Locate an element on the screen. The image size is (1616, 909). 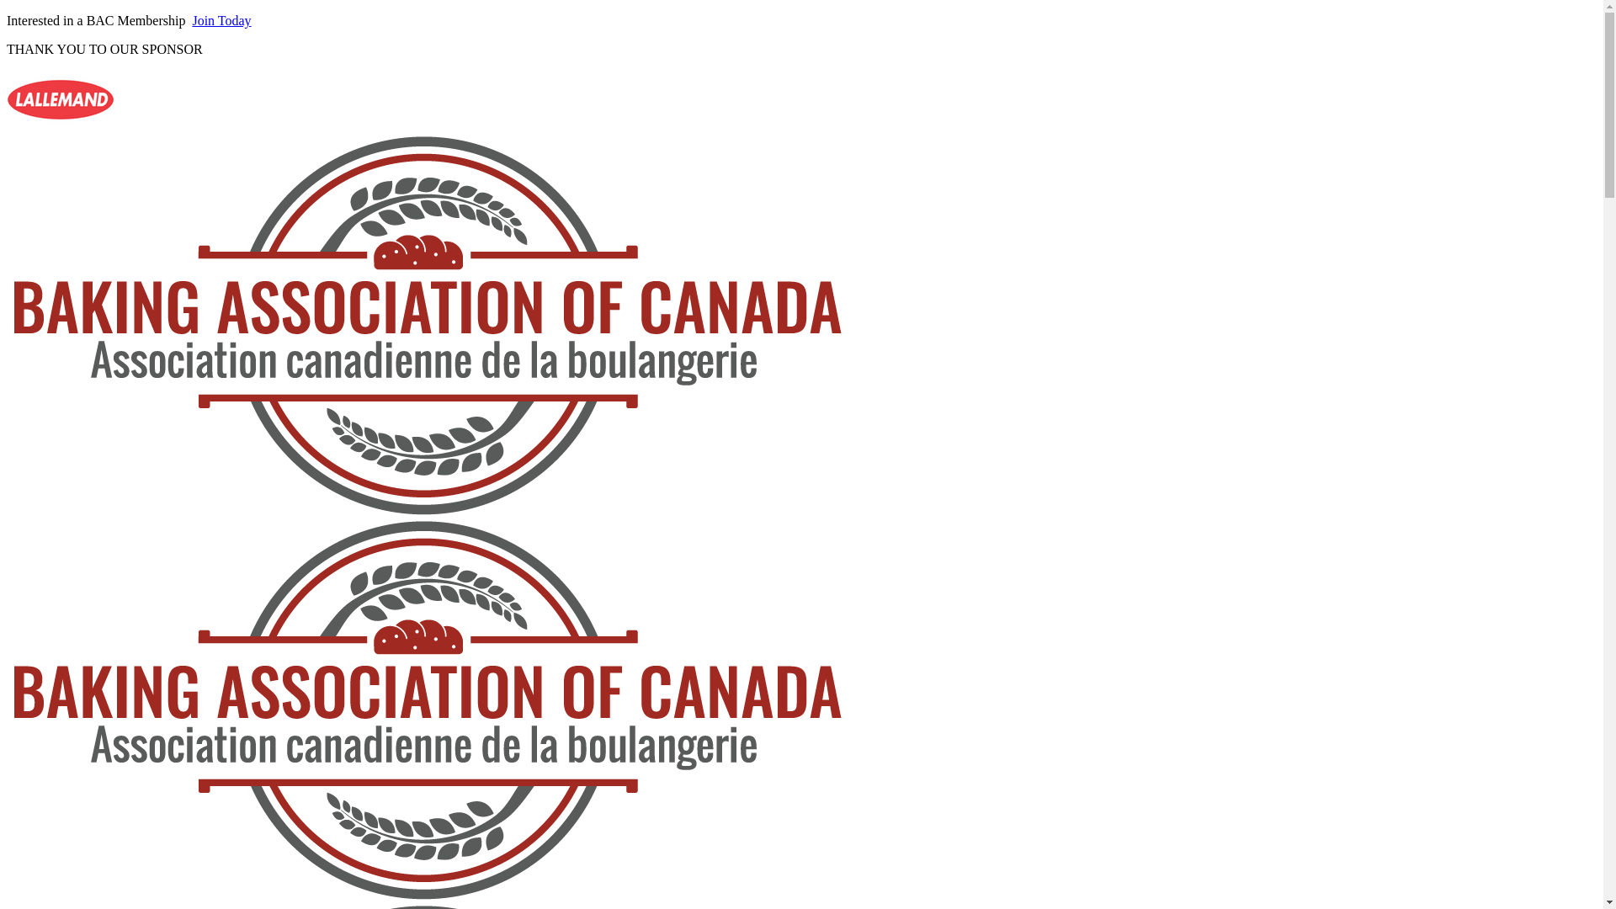
'Join Today' is located at coordinates (221, 20).